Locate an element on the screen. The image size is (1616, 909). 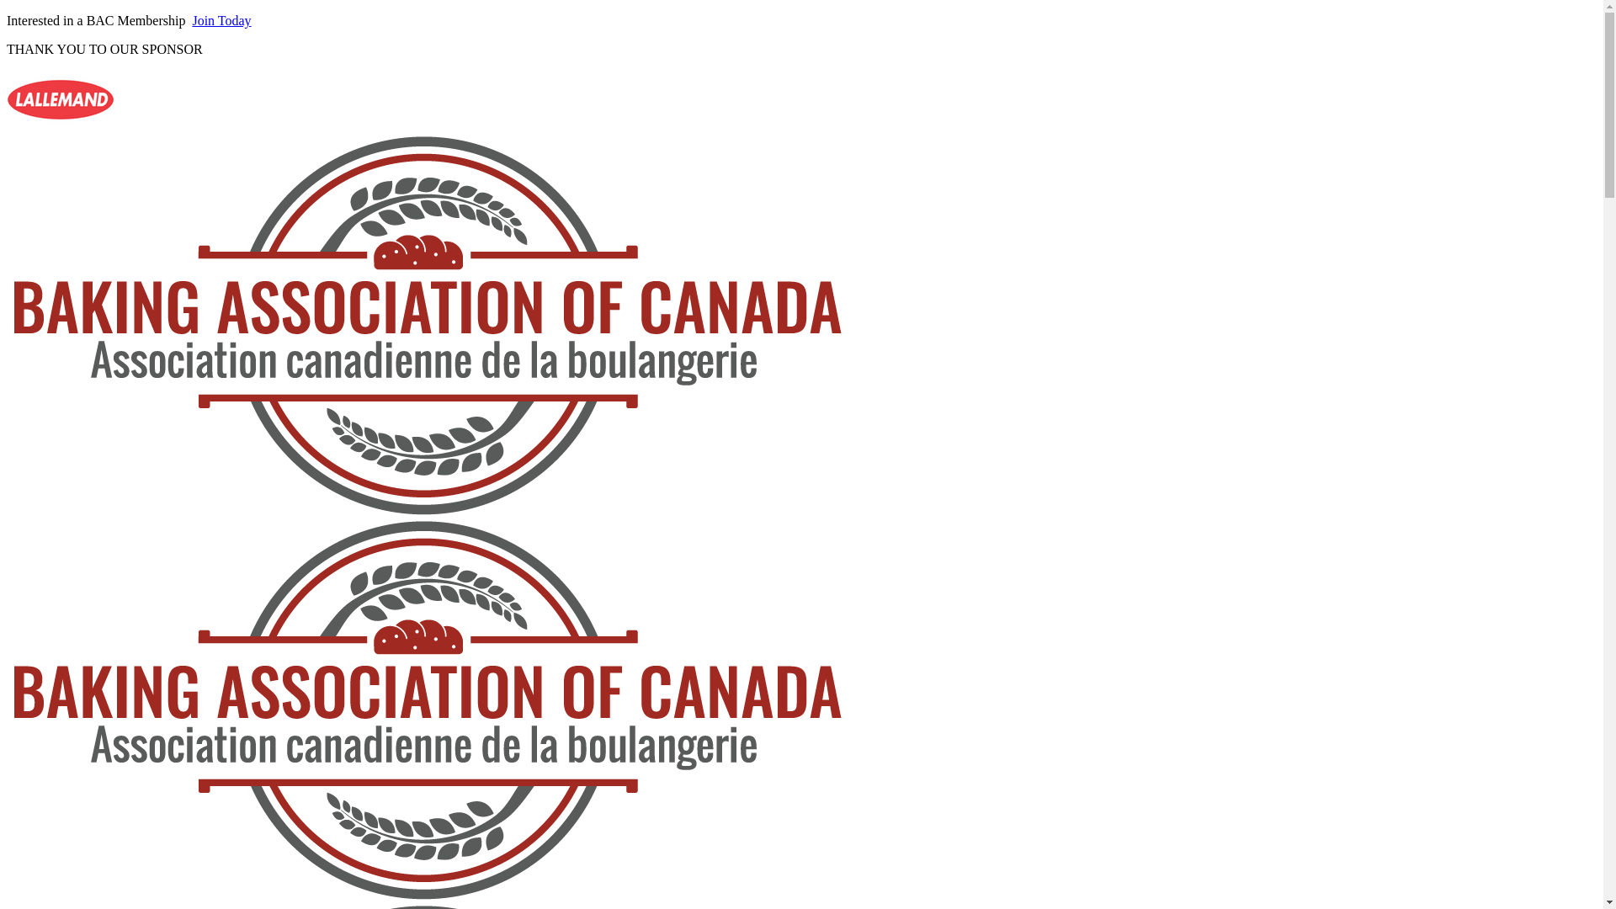
'Join Today' is located at coordinates (221, 20).